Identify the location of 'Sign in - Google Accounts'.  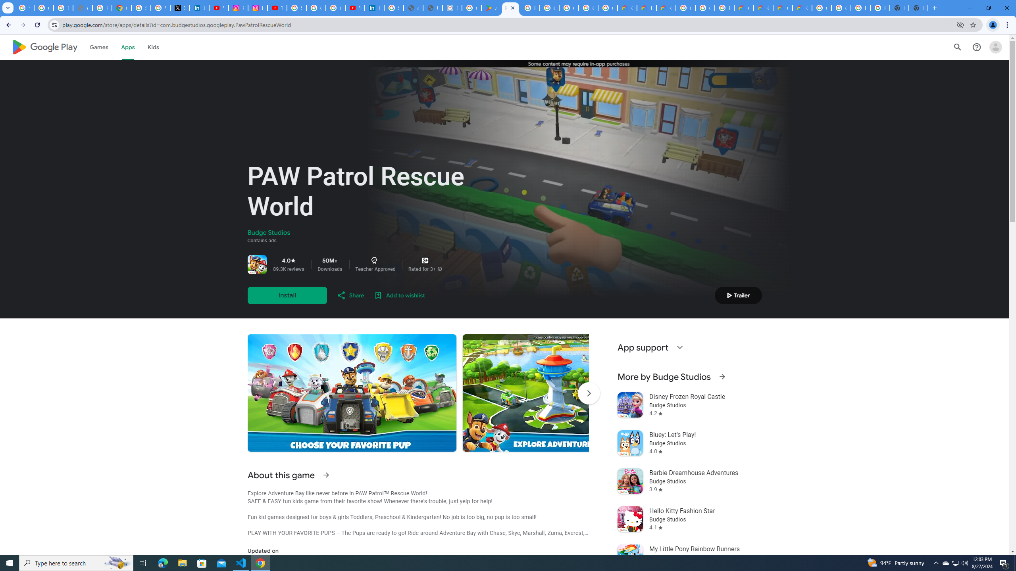
(140, 8).